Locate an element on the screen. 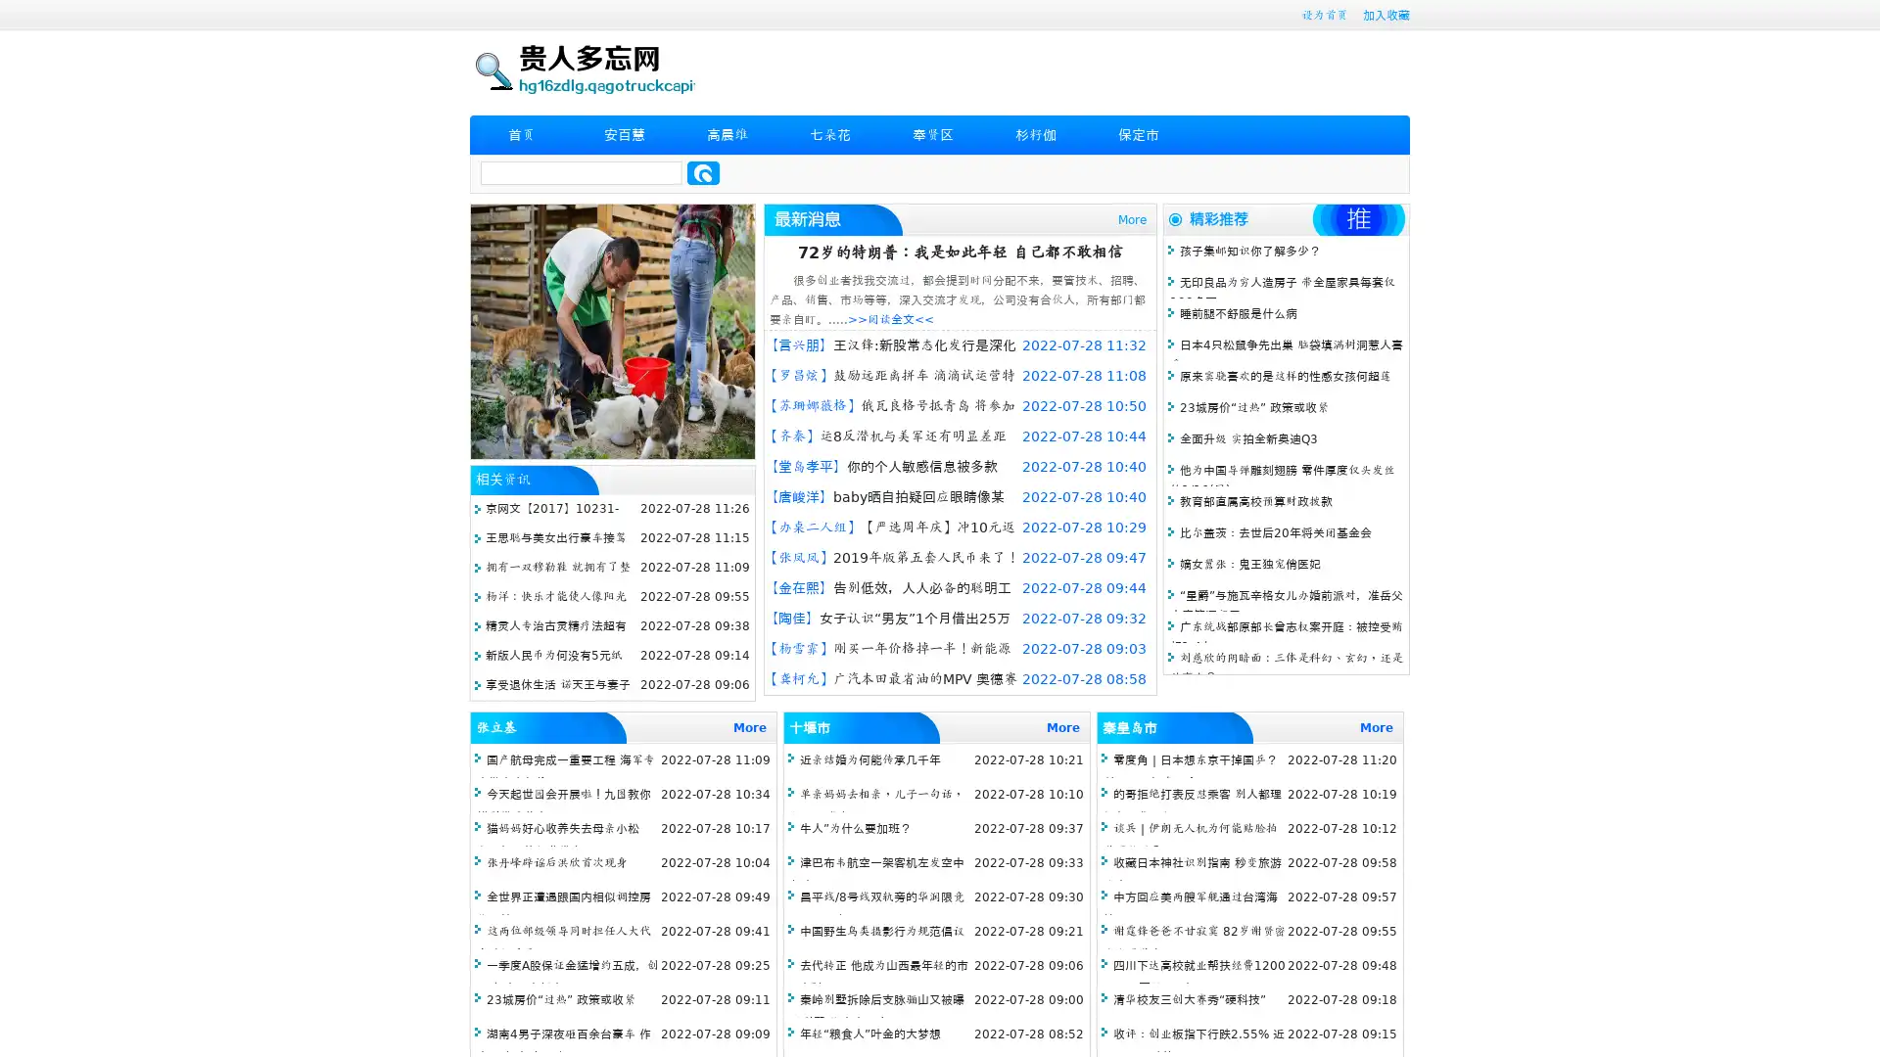 The image size is (1880, 1057). Search is located at coordinates (703, 172).